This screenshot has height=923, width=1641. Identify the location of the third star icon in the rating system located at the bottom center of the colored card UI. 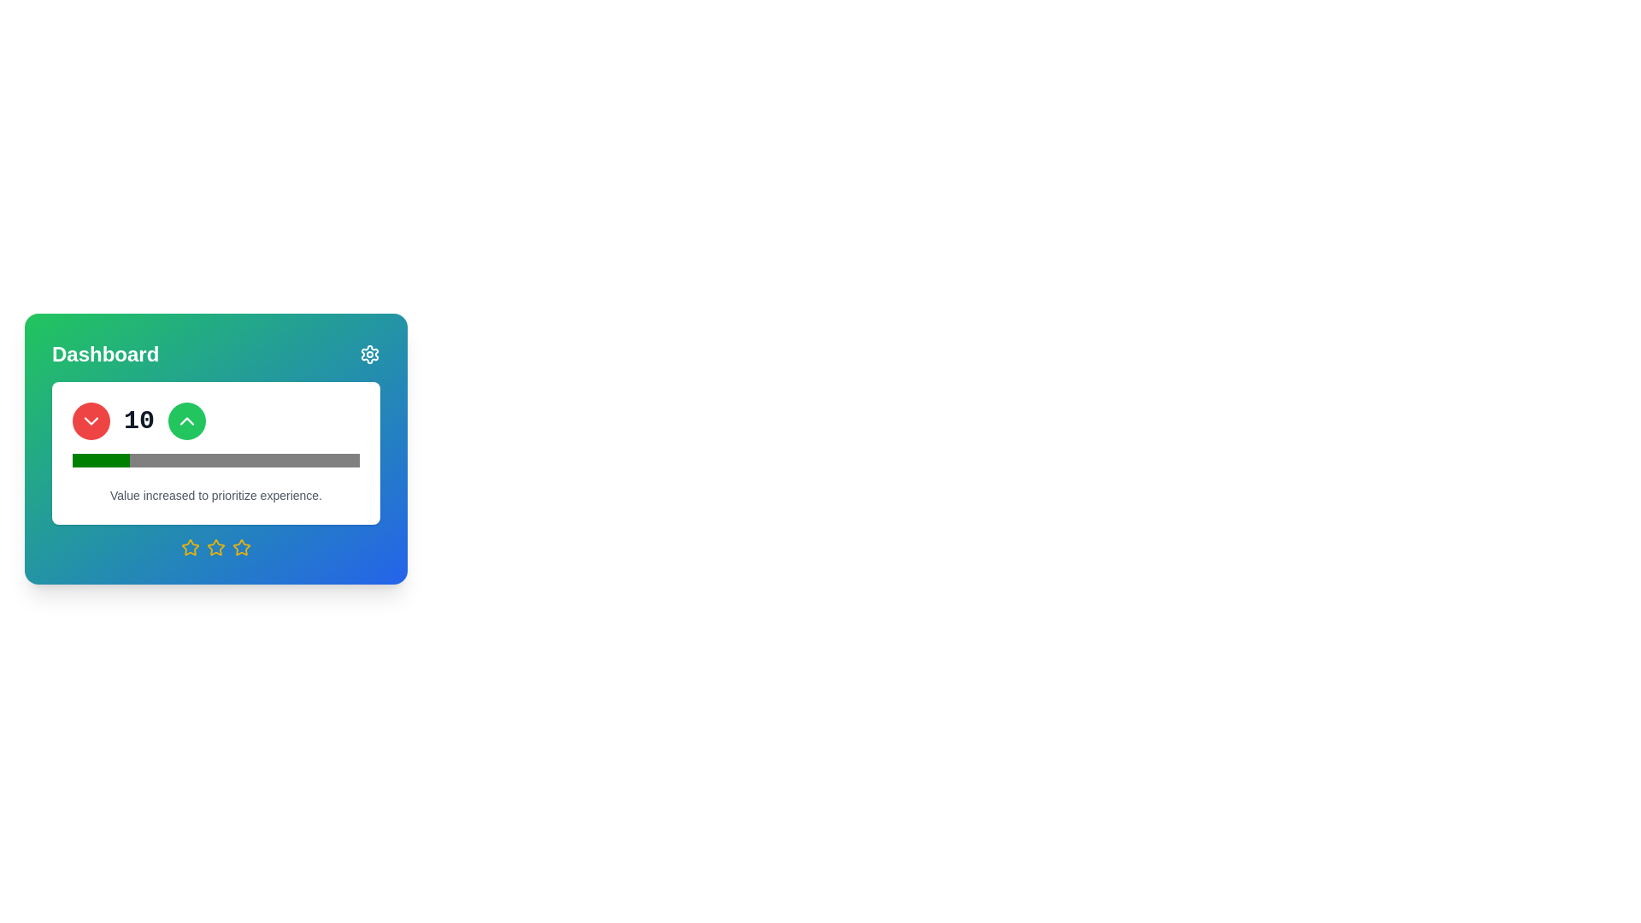
(215, 547).